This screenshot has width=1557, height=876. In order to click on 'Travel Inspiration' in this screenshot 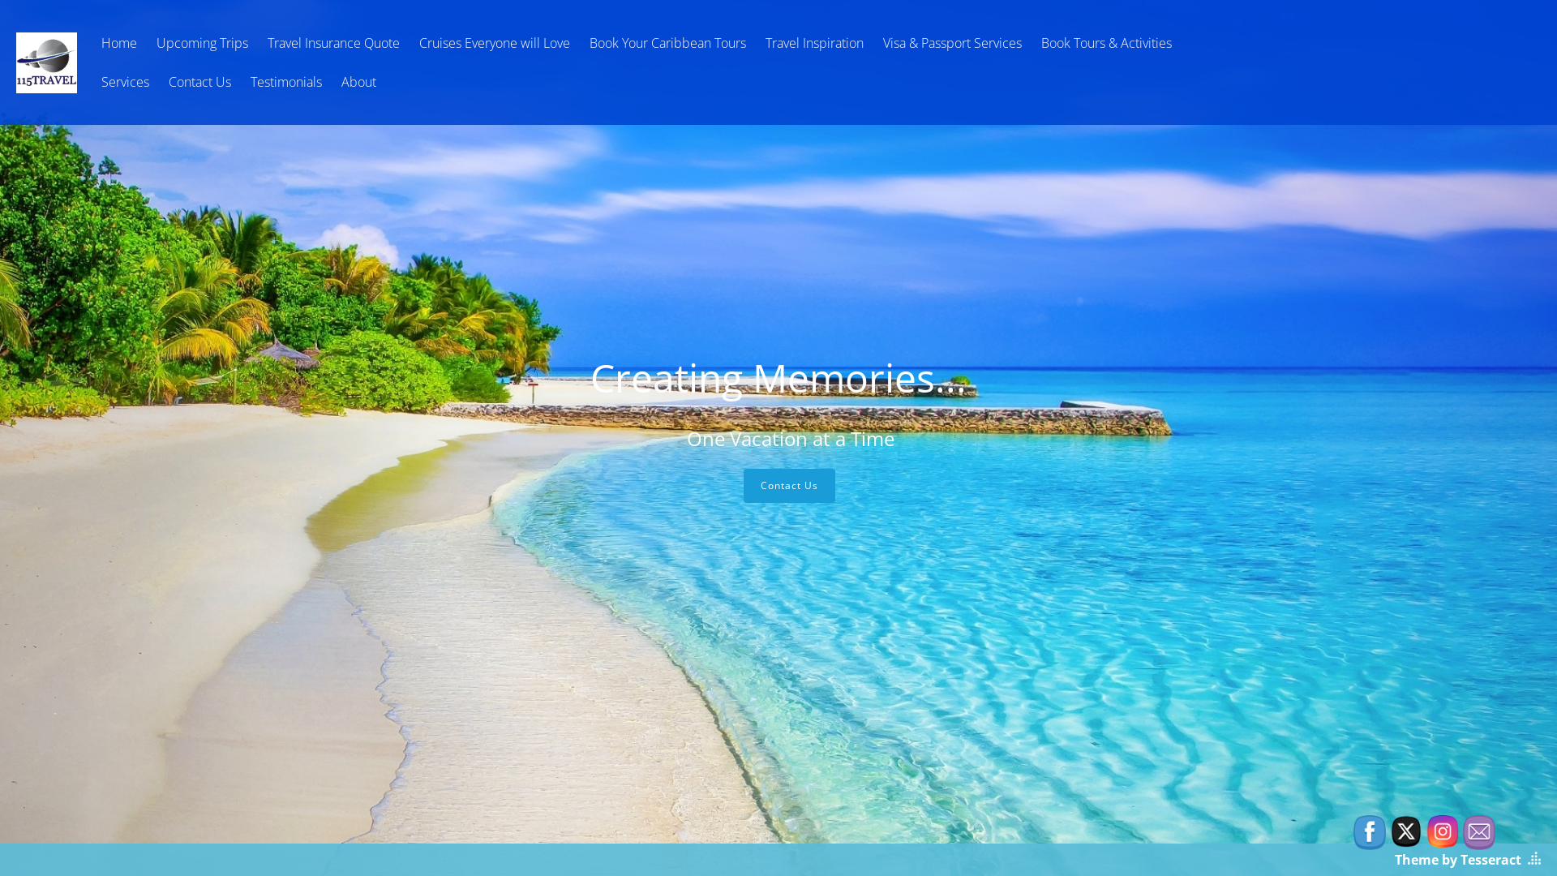, I will do `click(814, 42)`.